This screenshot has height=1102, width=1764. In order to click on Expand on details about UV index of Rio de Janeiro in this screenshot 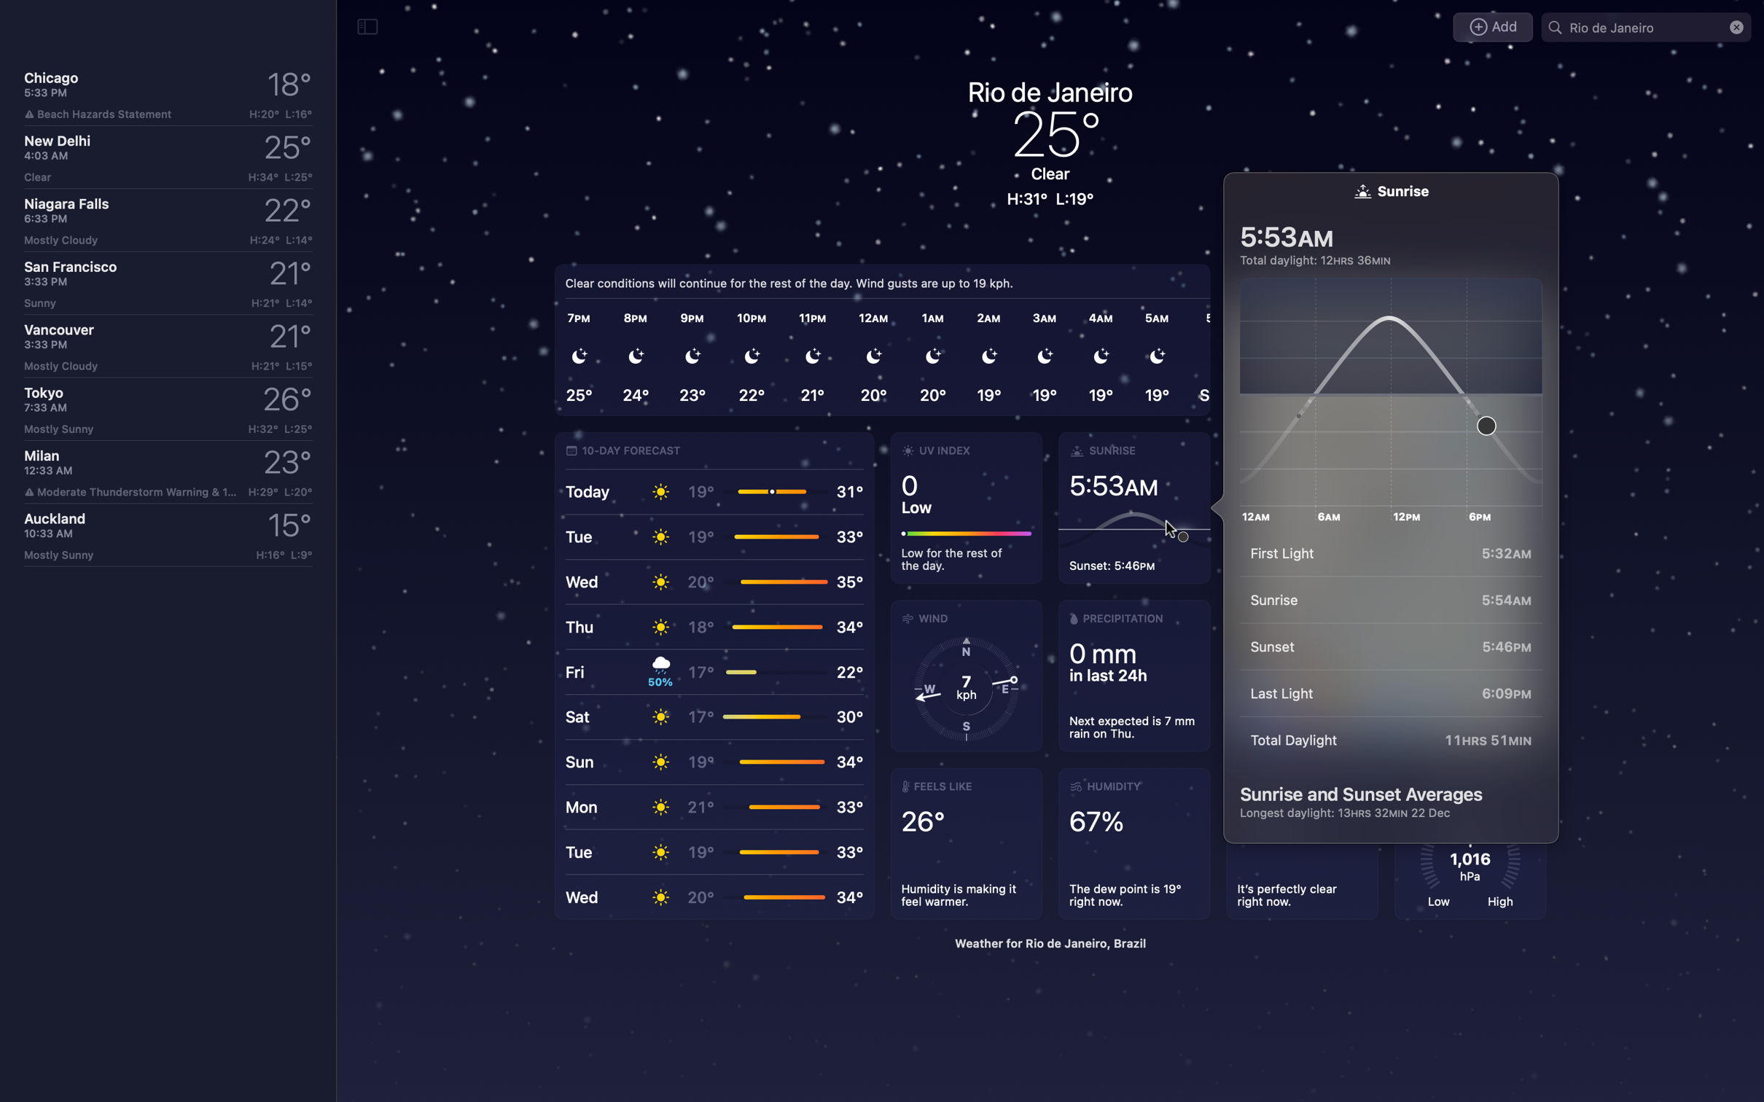, I will do `click(966, 509)`.